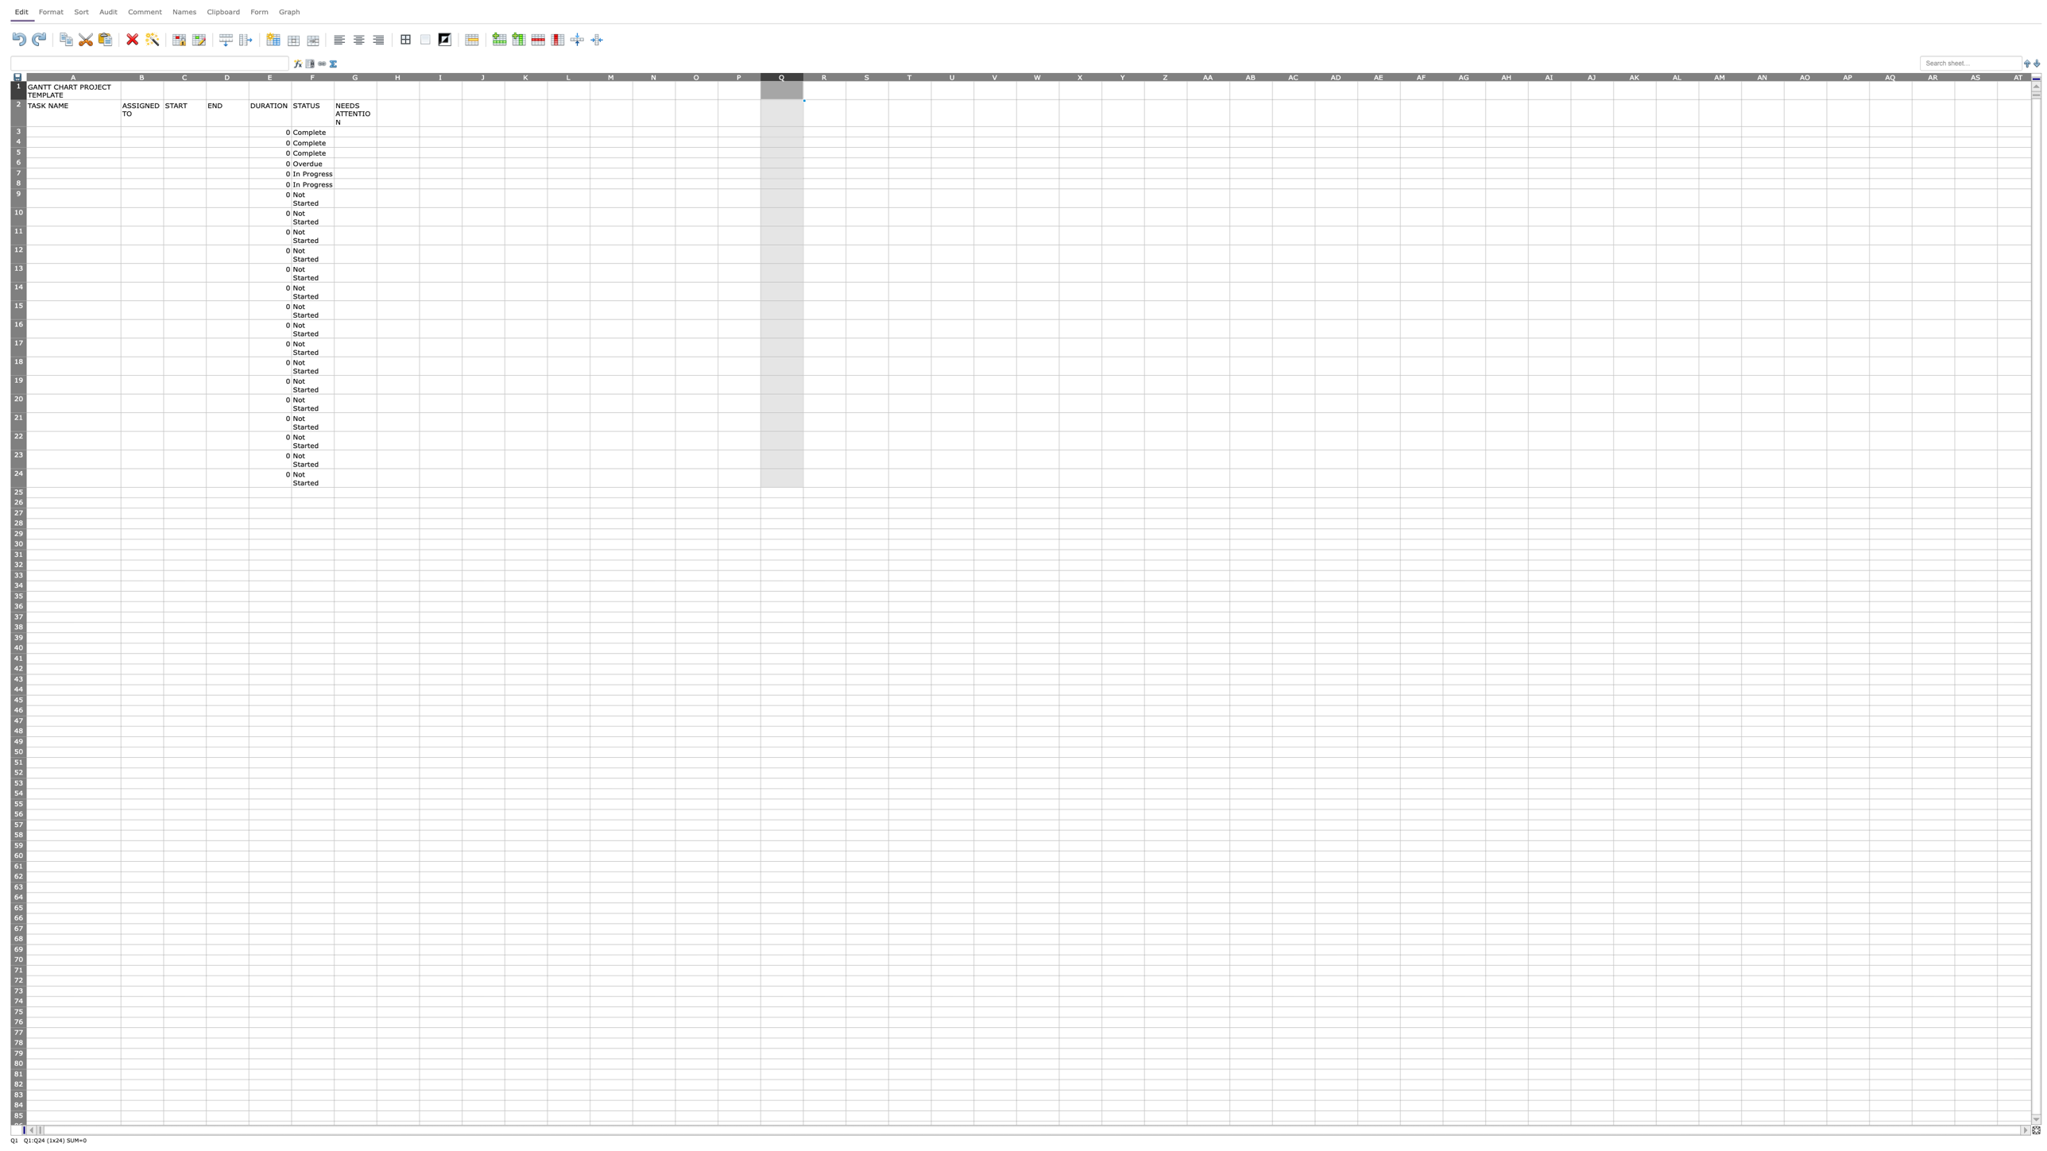 The height and width of the screenshot is (1151, 2047). I want to click on the right edge of column V to resize, so click(1015, 75).